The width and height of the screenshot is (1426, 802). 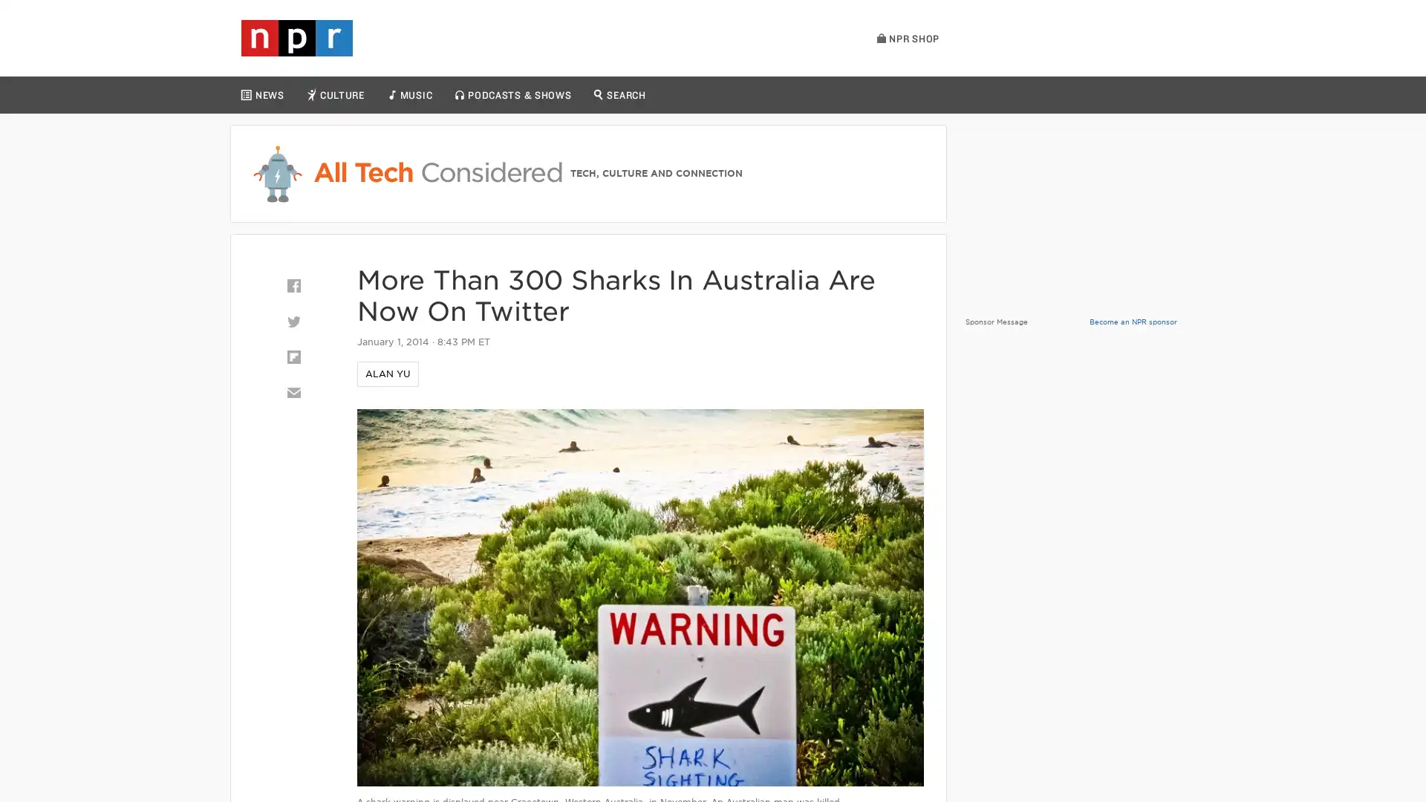 What do you see at coordinates (1072, 42) in the screenshot?
I see `Play Live Radio` at bounding box center [1072, 42].